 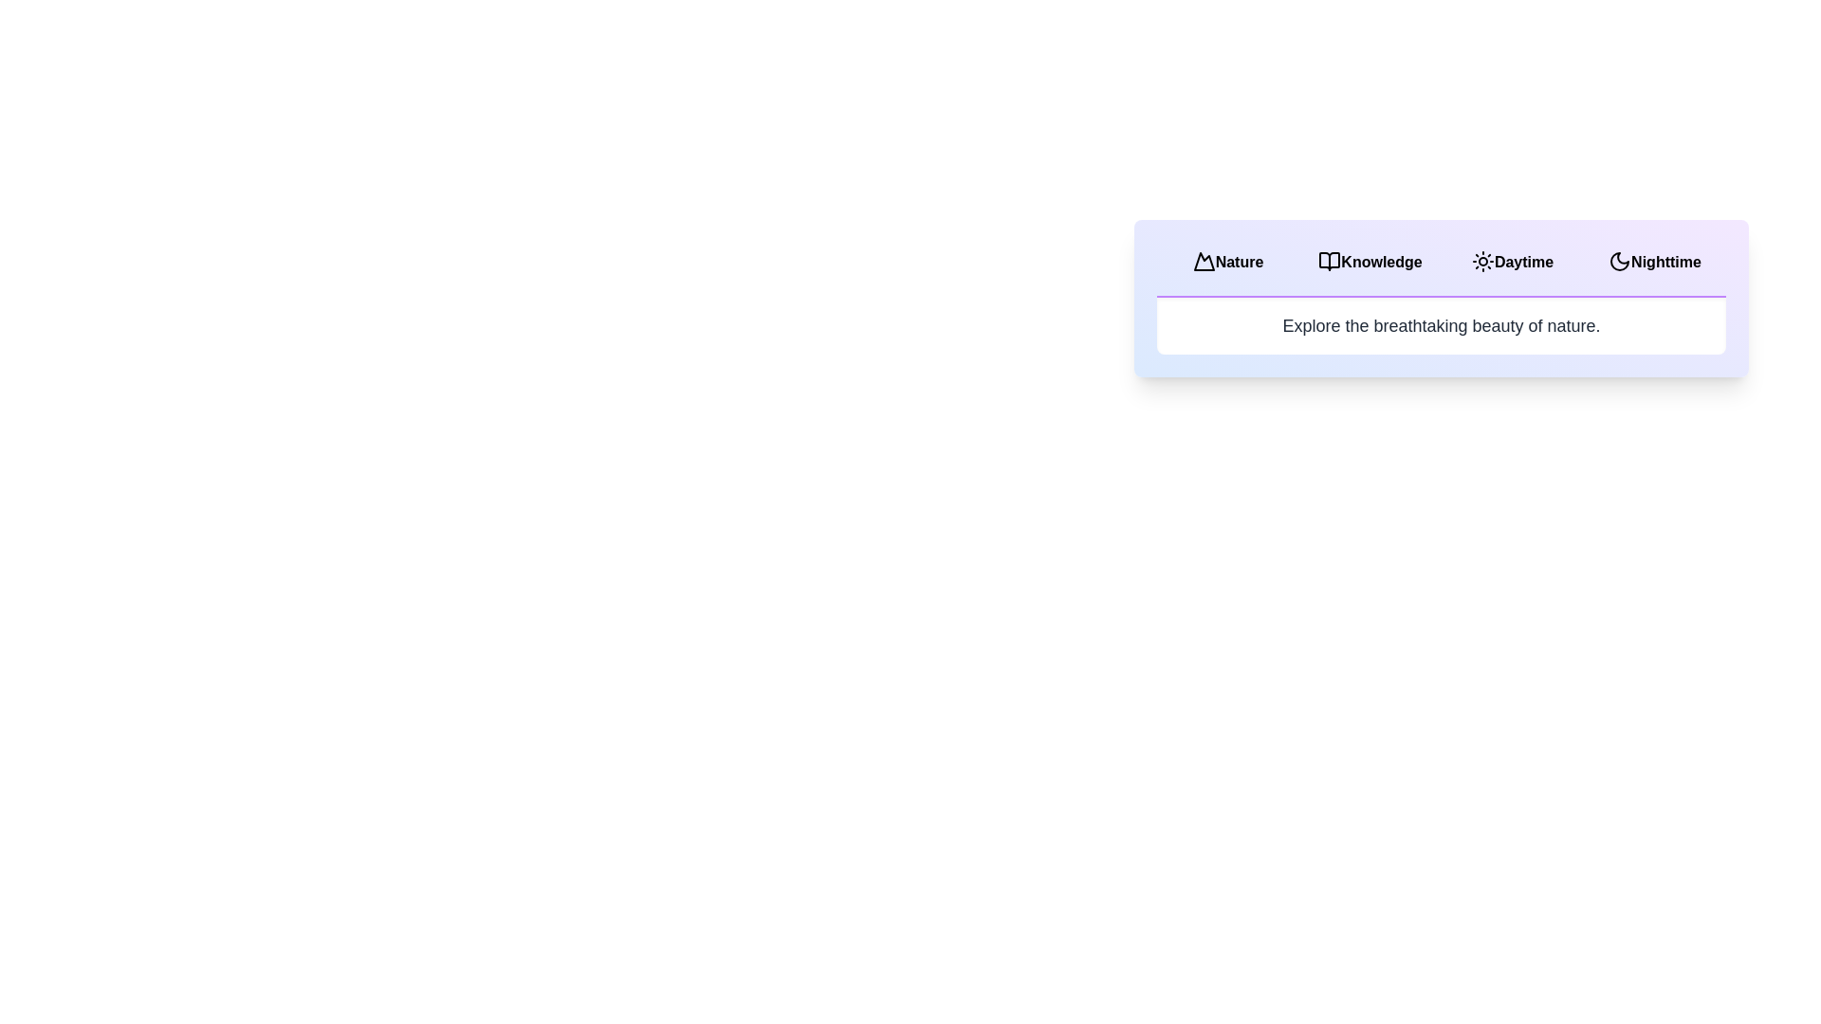 I want to click on the tab labeled Daytime, so click(x=1511, y=263).